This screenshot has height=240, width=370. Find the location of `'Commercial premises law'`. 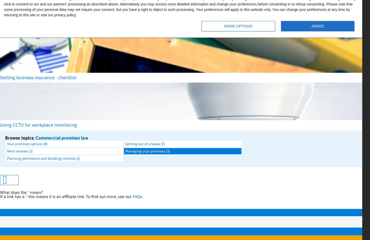

'Commercial premises law' is located at coordinates (61, 138).